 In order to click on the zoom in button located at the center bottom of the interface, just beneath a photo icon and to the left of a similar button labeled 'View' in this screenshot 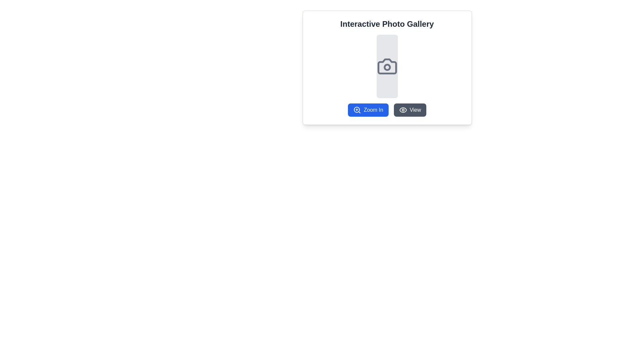, I will do `click(368, 109)`.